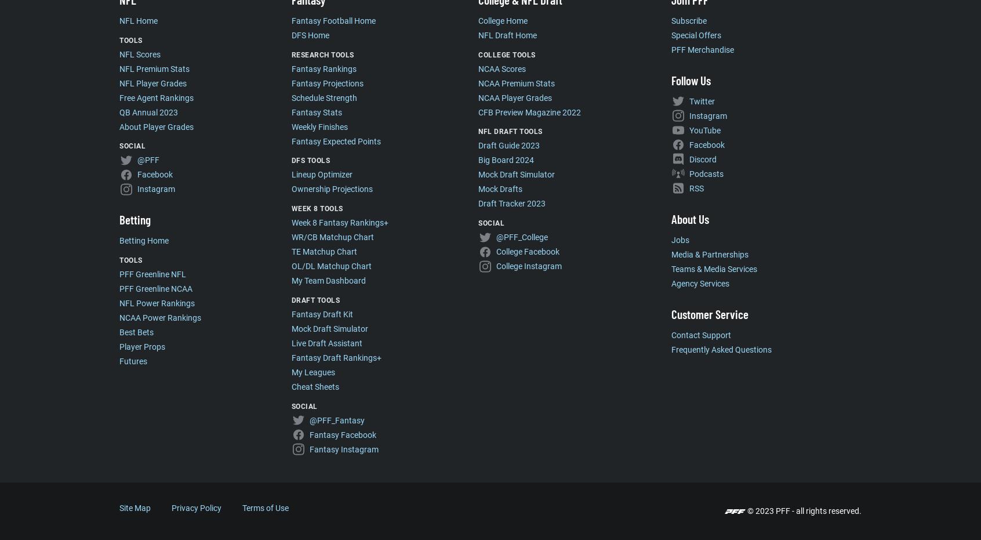 Image resolution: width=981 pixels, height=540 pixels. Describe the element at coordinates (689, 218) in the screenshot. I see `'About Us'` at that location.